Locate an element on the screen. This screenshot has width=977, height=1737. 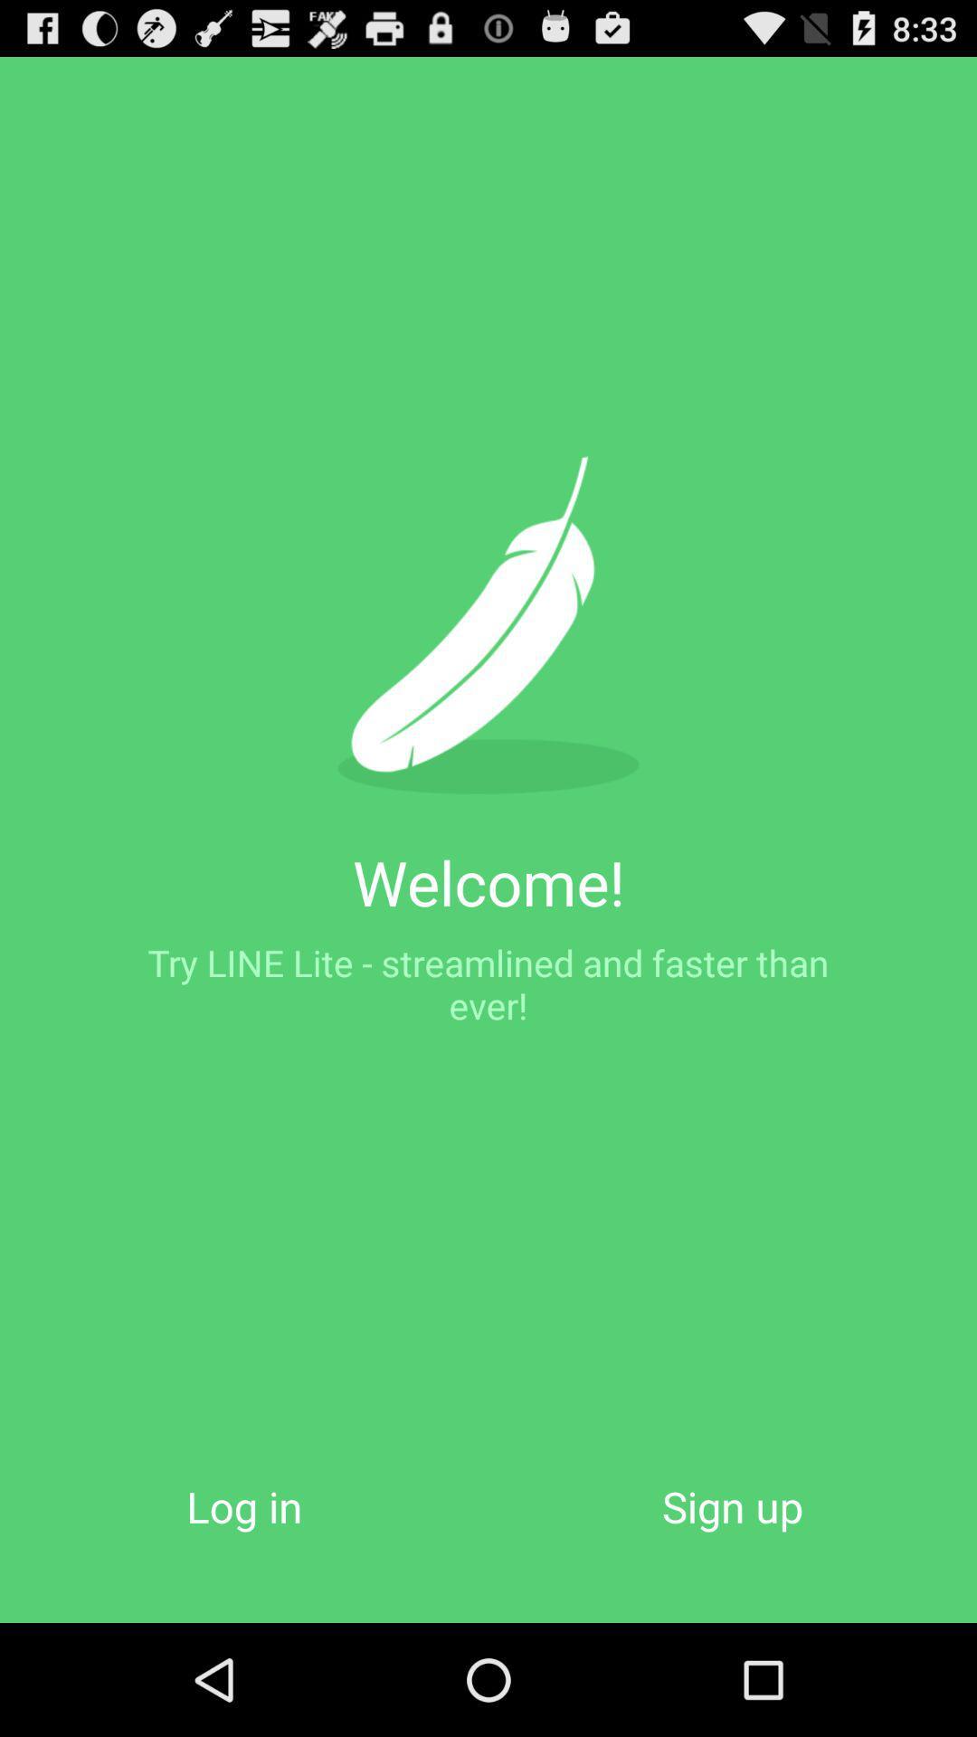
the app below the try line lite icon is located at coordinates (733, 1506).